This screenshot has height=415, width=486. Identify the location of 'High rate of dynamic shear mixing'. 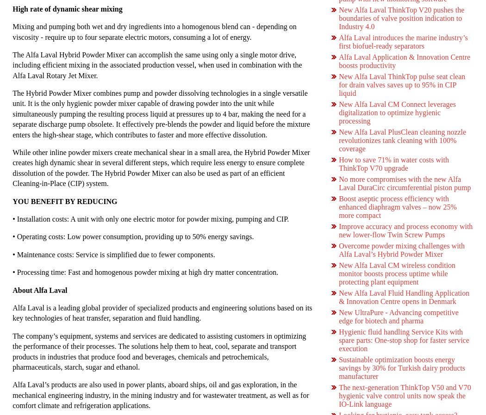
(67, 8).